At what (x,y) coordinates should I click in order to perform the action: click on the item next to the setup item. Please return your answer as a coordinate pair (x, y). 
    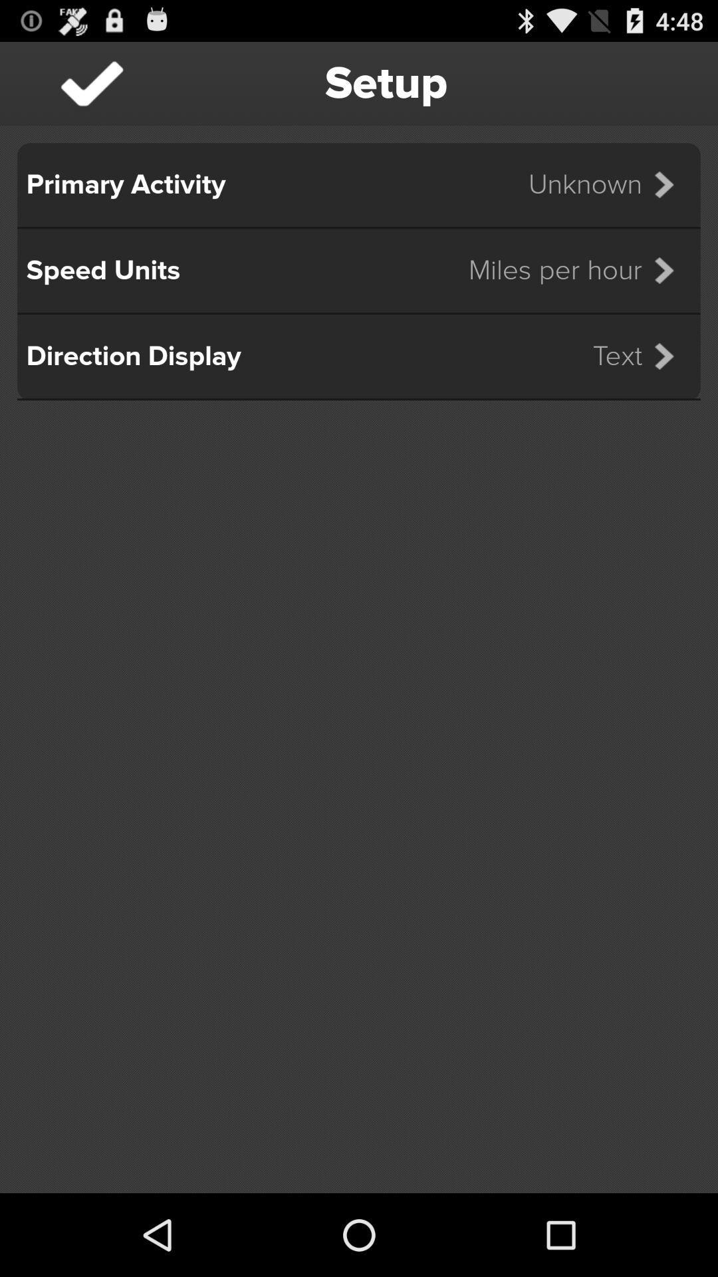
    Looking at the image, I should click on (91, 82).